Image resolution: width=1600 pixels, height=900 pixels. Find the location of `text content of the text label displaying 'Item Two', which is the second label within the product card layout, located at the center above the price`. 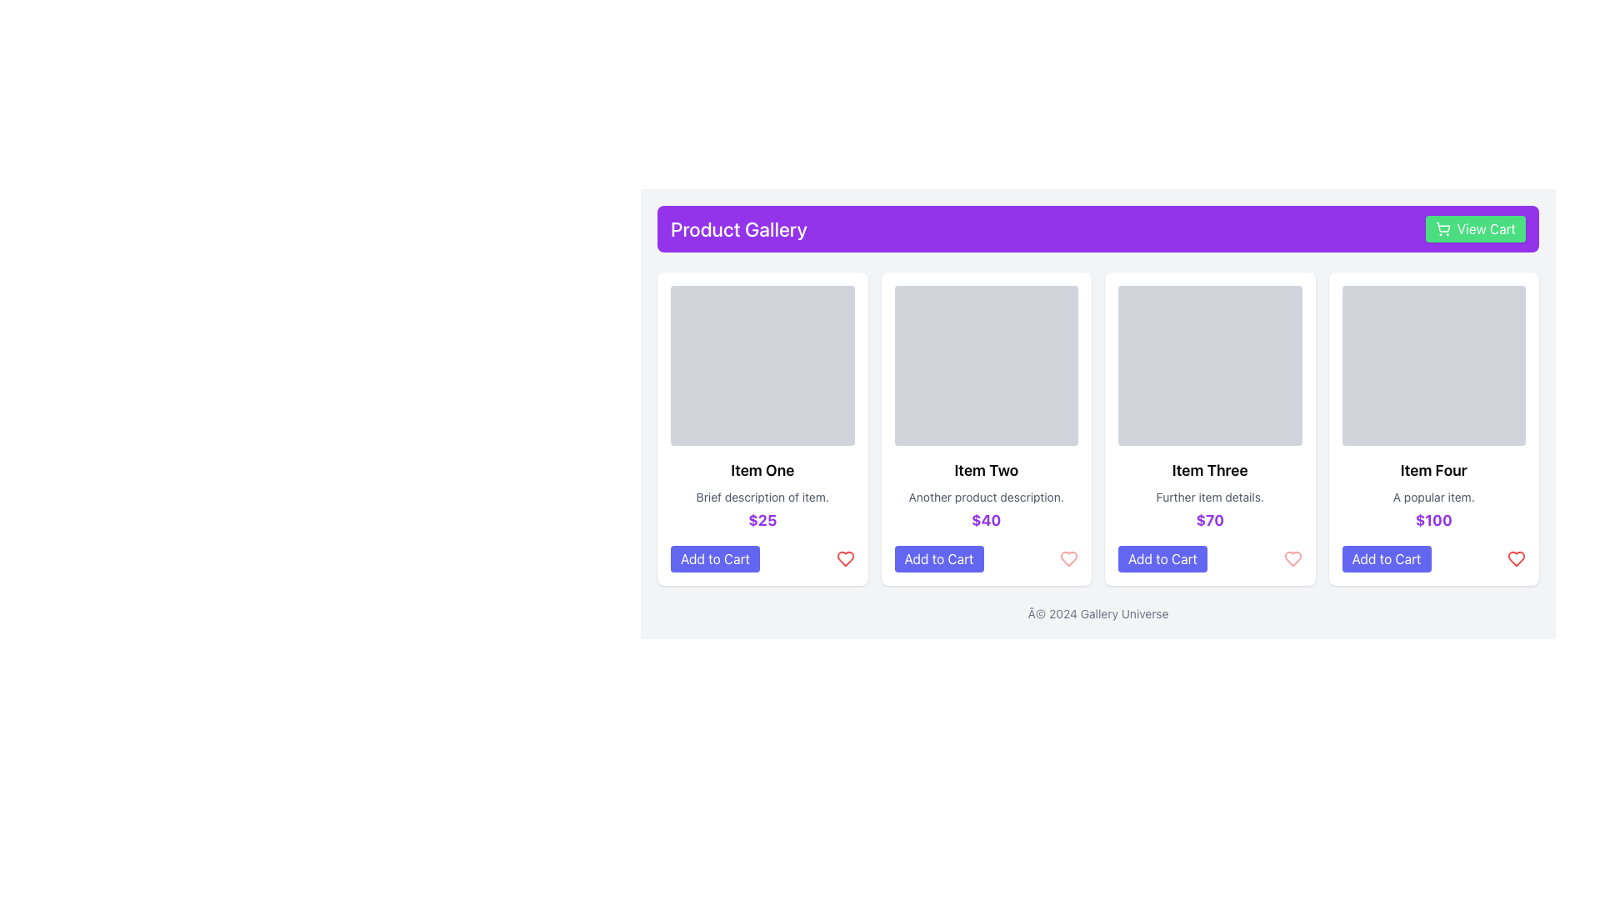

text content of the text label displaying 'Item Two', which is the second label within the product card layout, located at the center above the price is located at coordinates (986, 470).